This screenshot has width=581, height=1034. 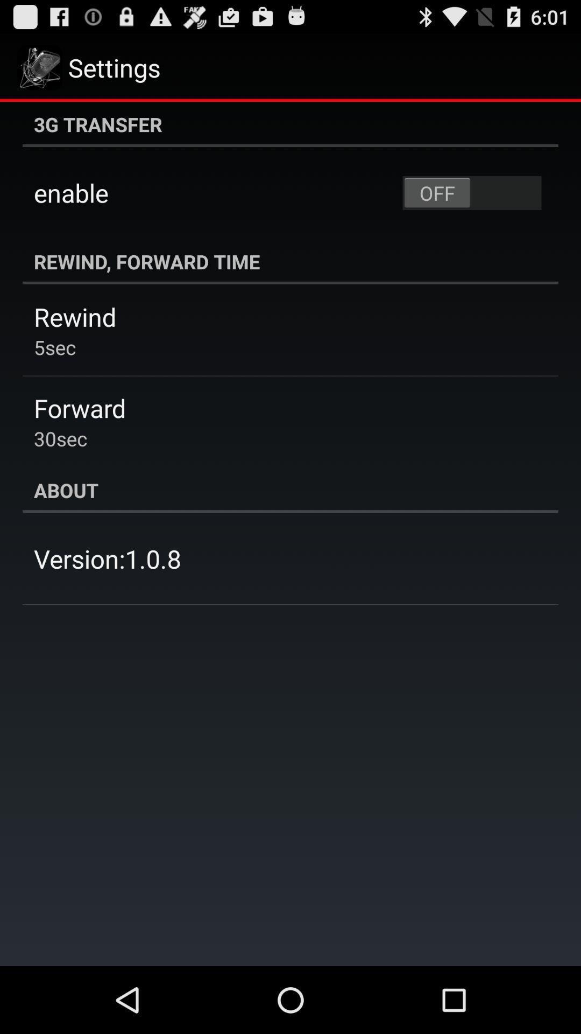 I want to click on app above rewind, forward time app, so click(x=471, y=193).